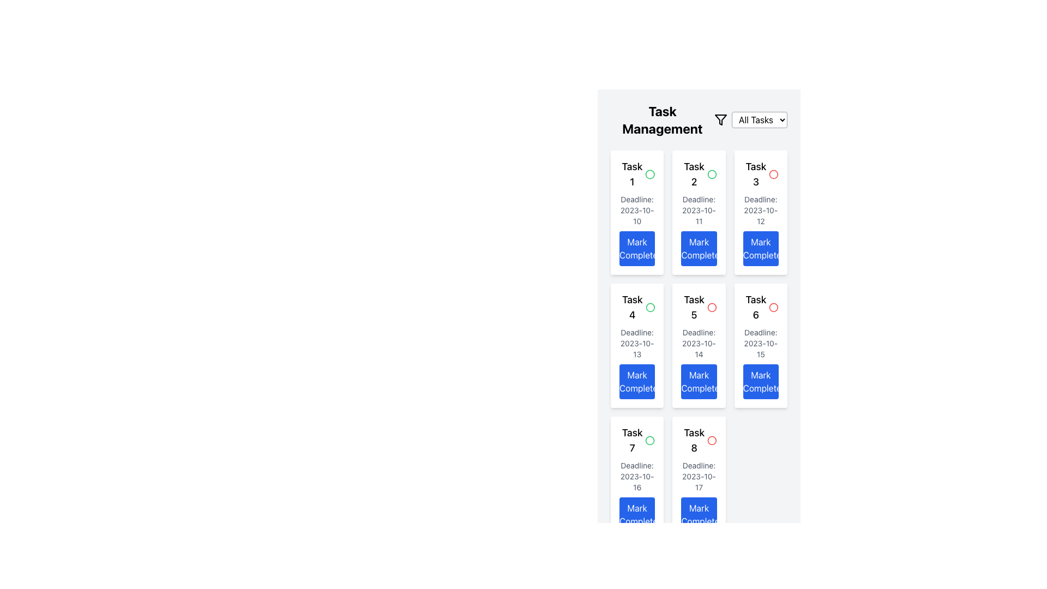 The height and width of the screenshot is (589, 1047). What do you see at coordinates (699, 342) in the screenshot?
I see `the text label displaying the deadline 'Deadline: 2023-10-14' within the card labeled 'Task 5'` at bounding box center [699, 342].